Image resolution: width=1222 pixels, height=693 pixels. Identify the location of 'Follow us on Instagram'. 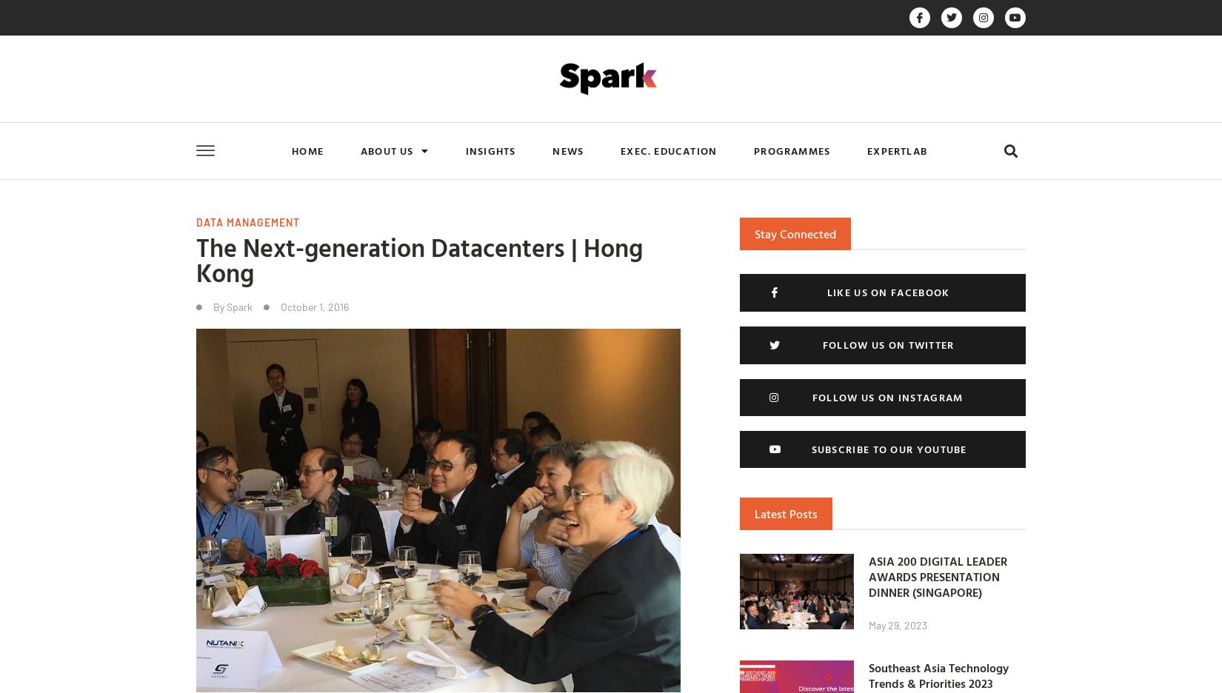
(887, 397).